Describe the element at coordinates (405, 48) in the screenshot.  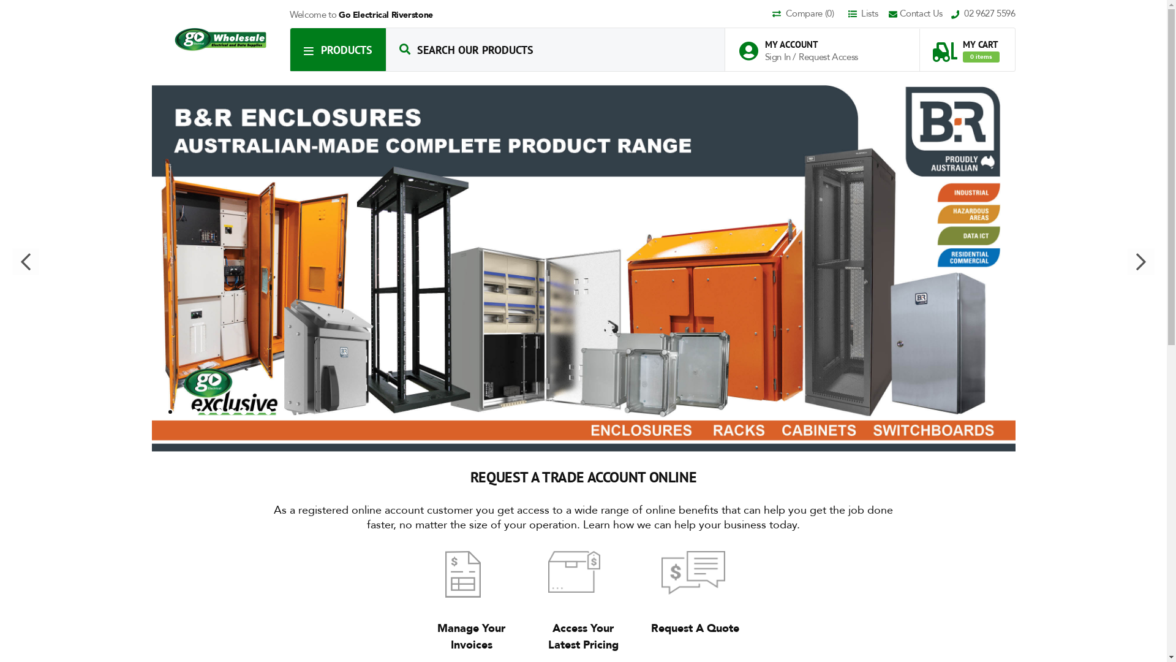
I see `'Search'` at that location.